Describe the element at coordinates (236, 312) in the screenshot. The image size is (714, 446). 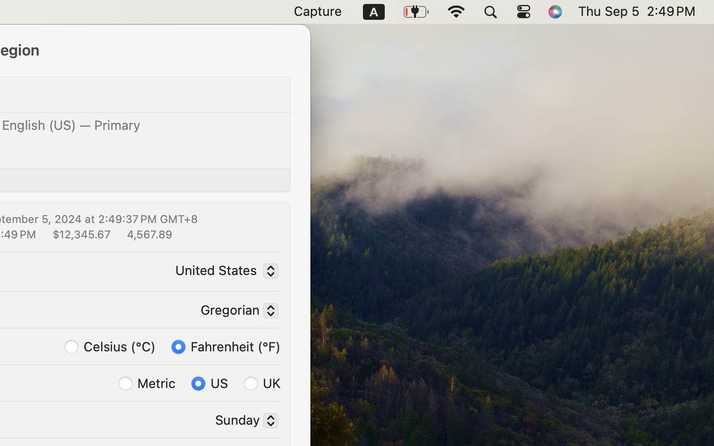
I see `'Gregorian'` at that location.